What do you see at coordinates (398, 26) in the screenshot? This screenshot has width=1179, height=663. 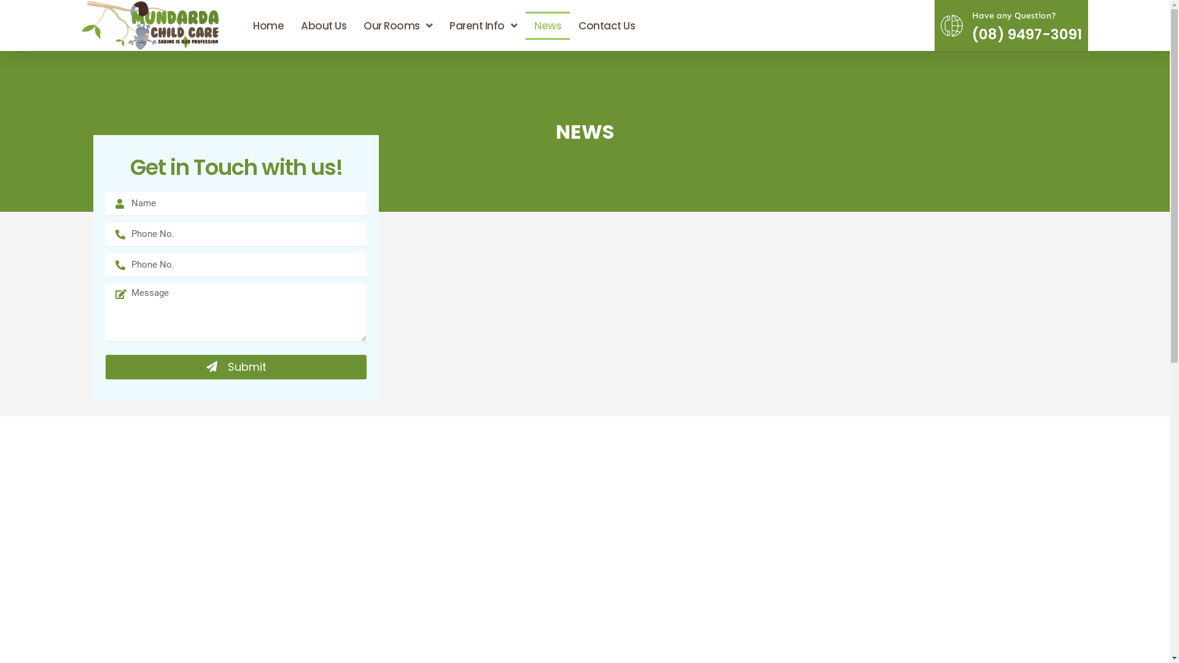 I see `'Our Rooms'` at bounding box center [398, 26].